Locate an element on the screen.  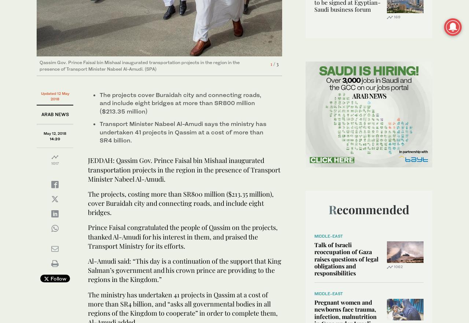
'Recommended' is located at coordinates (369, 209).